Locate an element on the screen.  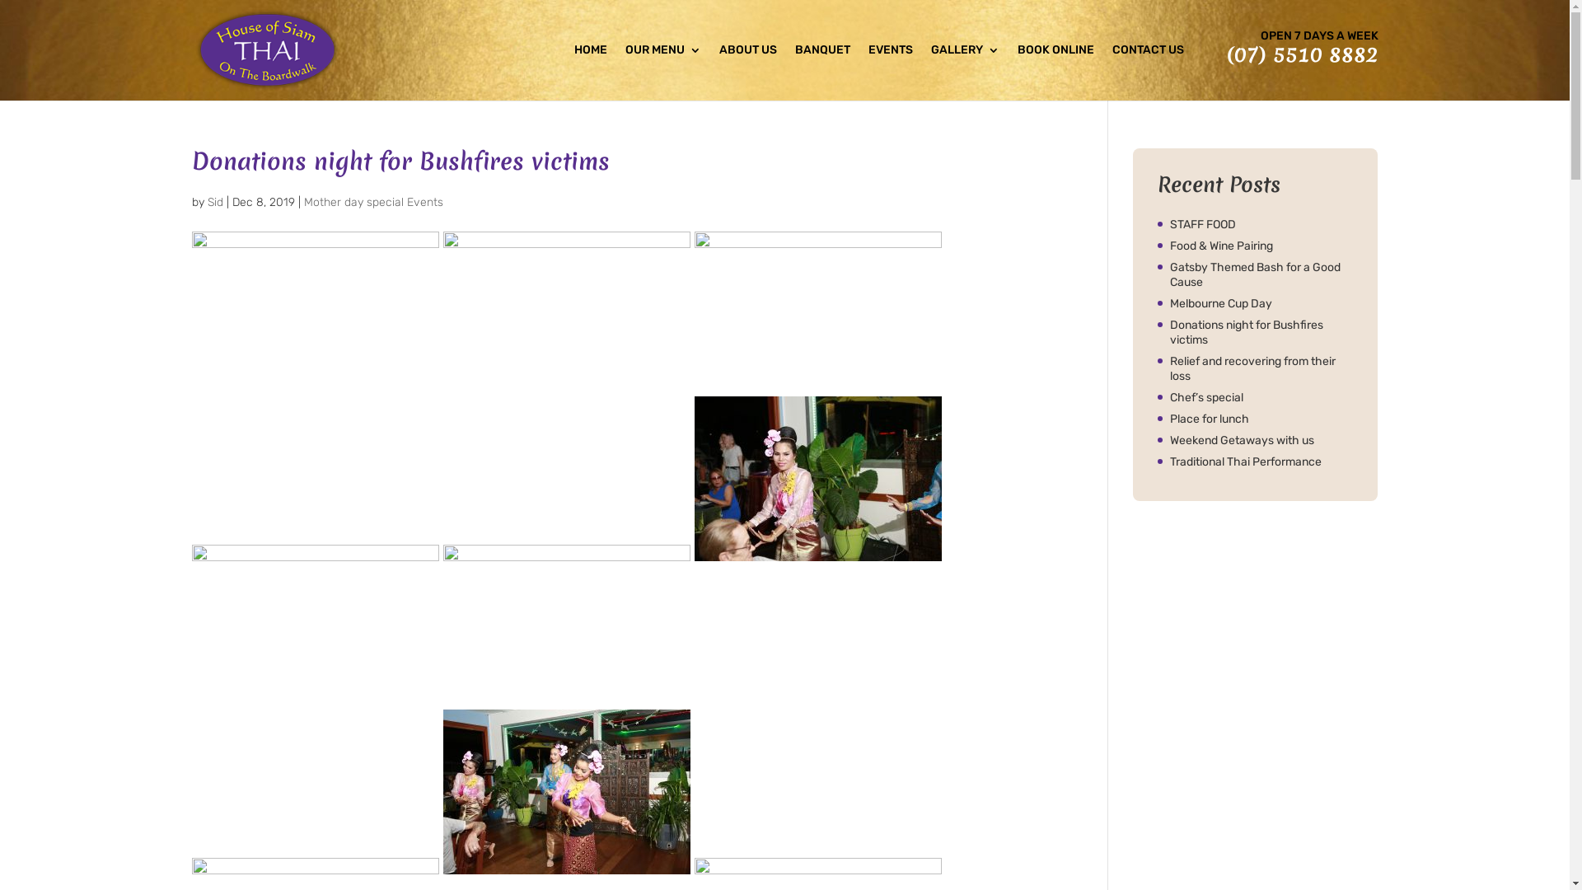
'Place for lunch' is located at coordinates (1261, 419).